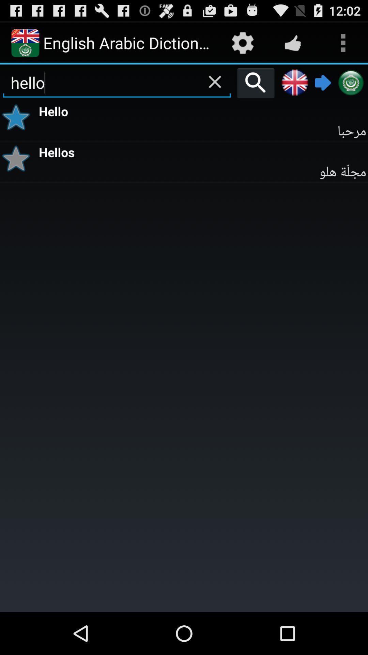 The image size is (368, 655). What do you see at coordinates (18, 158) in the screenshot?
I see `bookmark` at bounding box center [18, 158].